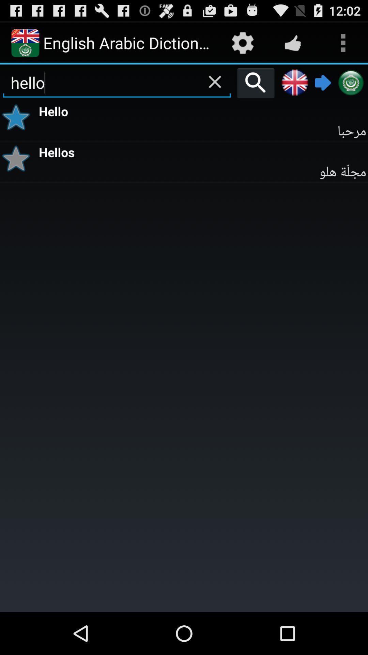 The image size is (368, 655). What do you see at coordinates (18, 158) in the screenshot?
I see `bookmark` at bounding box center [18, 158].